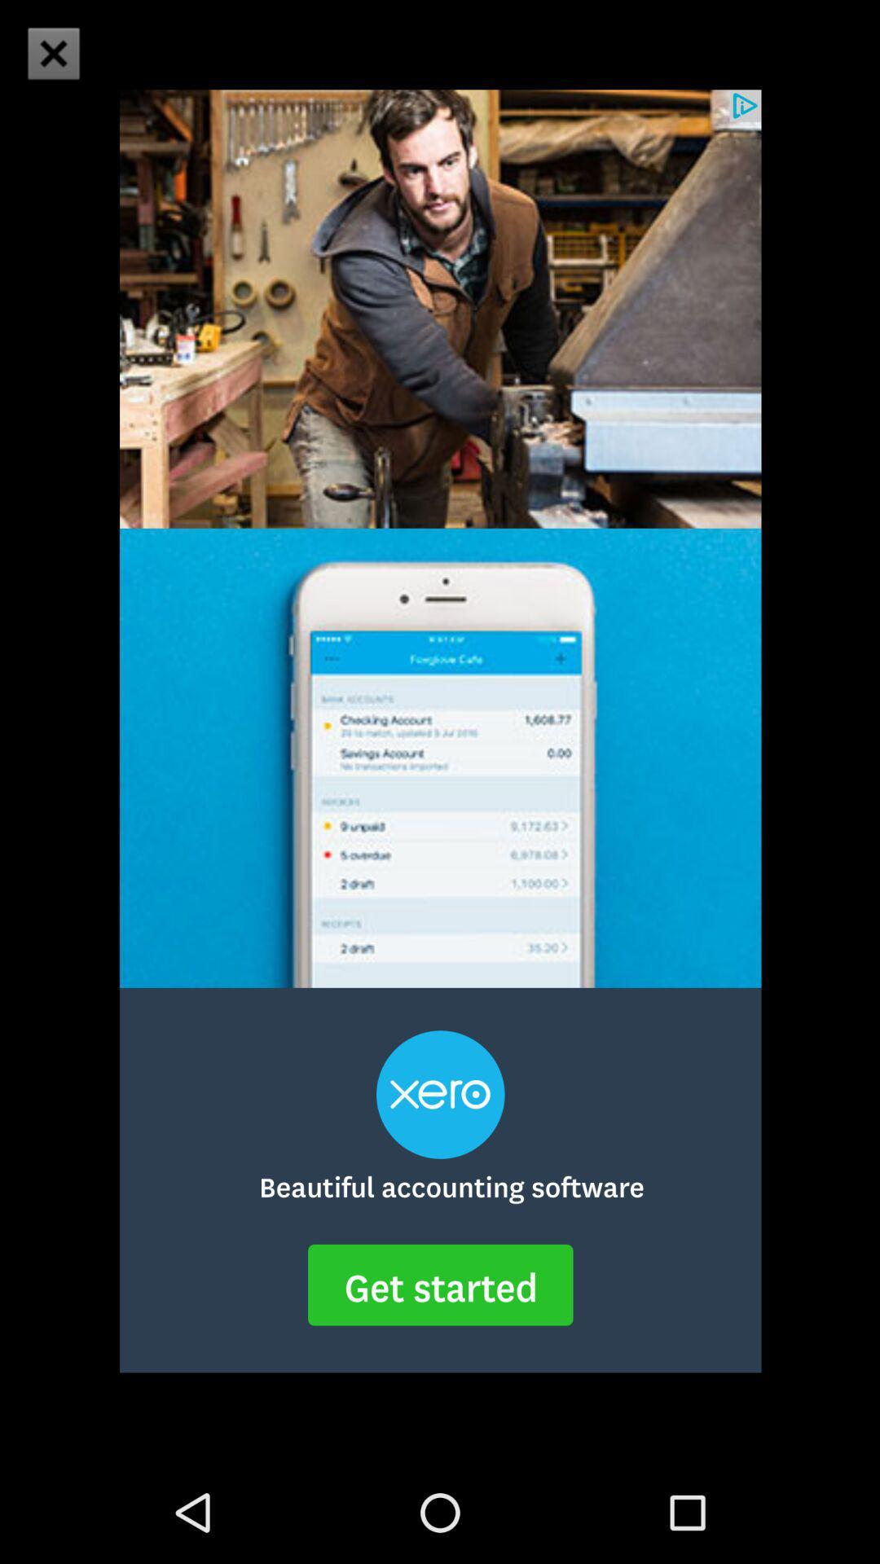 Image resolution: width=880 pixels, height=1564 pixels. Describe the element at coordinates (52, 57) in the screenshot. I see `the close icon` at that location.